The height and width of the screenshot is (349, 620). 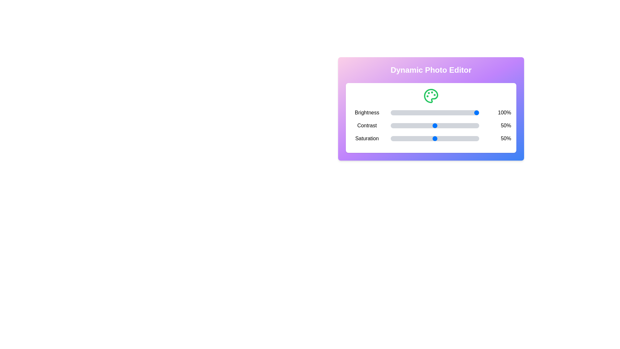 I want to click on the saturation slider to 17%, so click(x=405, y=138).